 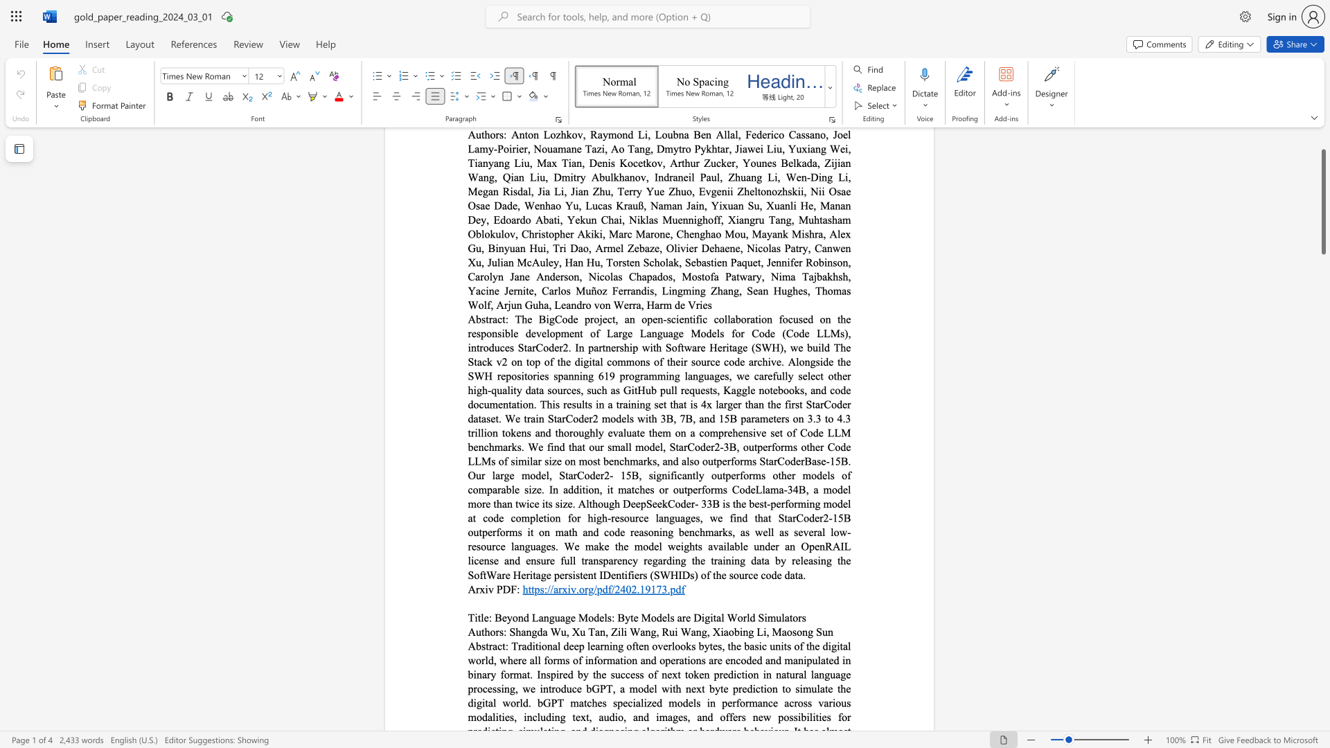 What do you see at coordinates (1322, 312) in the screenshot?
I see `the scrollbar to scroll the page down` at bounding box center [1322, 312].